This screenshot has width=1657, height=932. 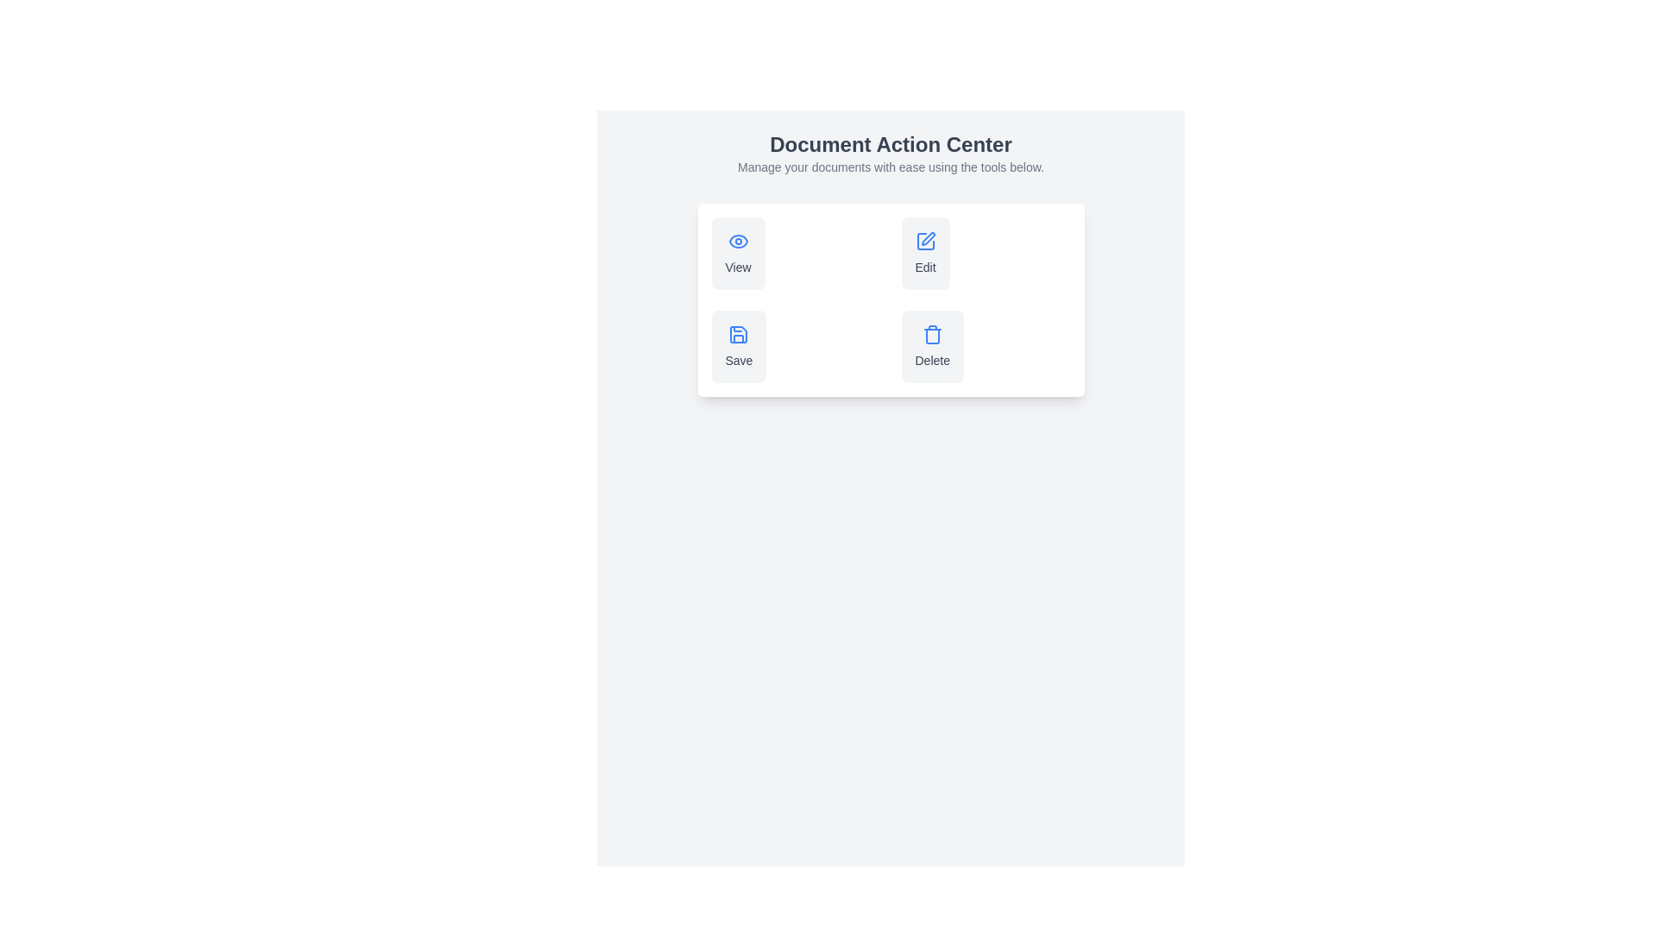 What do you see at coordinates (931, 335) in the screenshot?
I see `the trash can icon to initiate a delete action, which is positioned above the 'Delete' label in the bottom-right of a 2x2 grid layout` at bounding box center [931, 335].